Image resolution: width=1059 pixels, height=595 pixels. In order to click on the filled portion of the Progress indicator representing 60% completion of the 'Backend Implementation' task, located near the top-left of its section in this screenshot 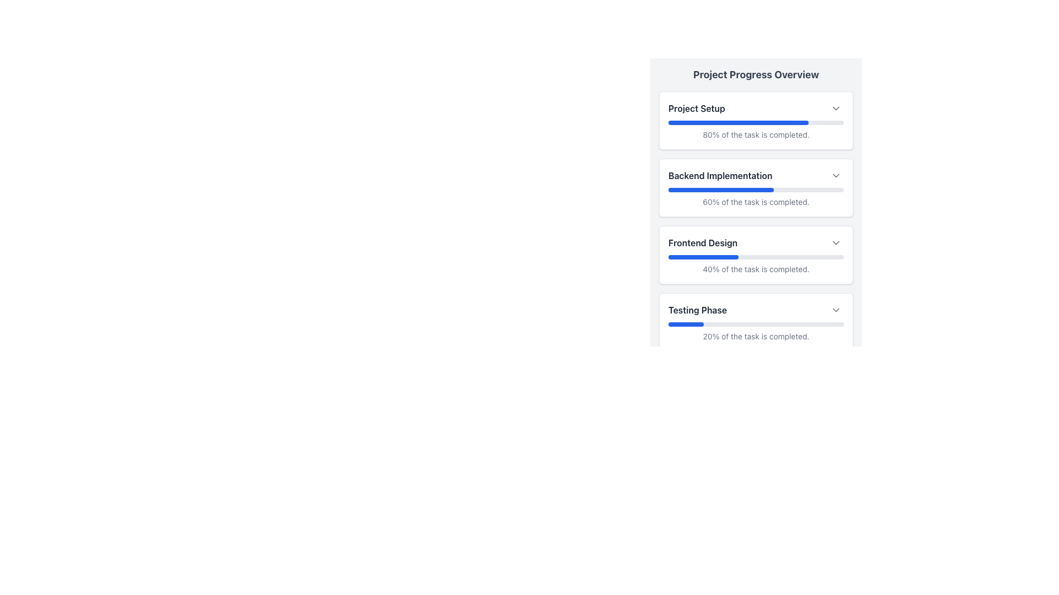, I will do `click(721, 189)`.